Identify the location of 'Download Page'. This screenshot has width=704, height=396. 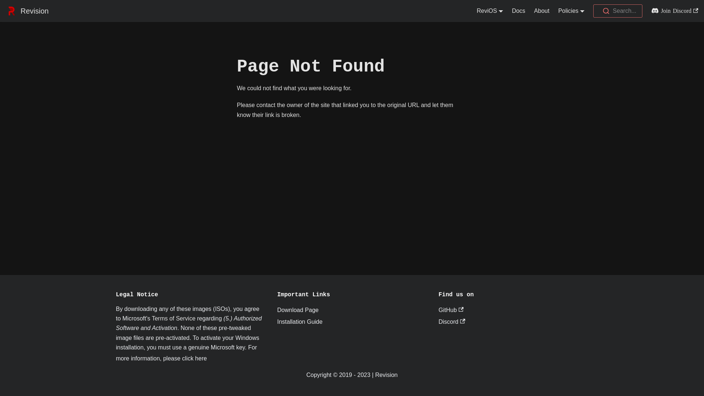
(298, 310).